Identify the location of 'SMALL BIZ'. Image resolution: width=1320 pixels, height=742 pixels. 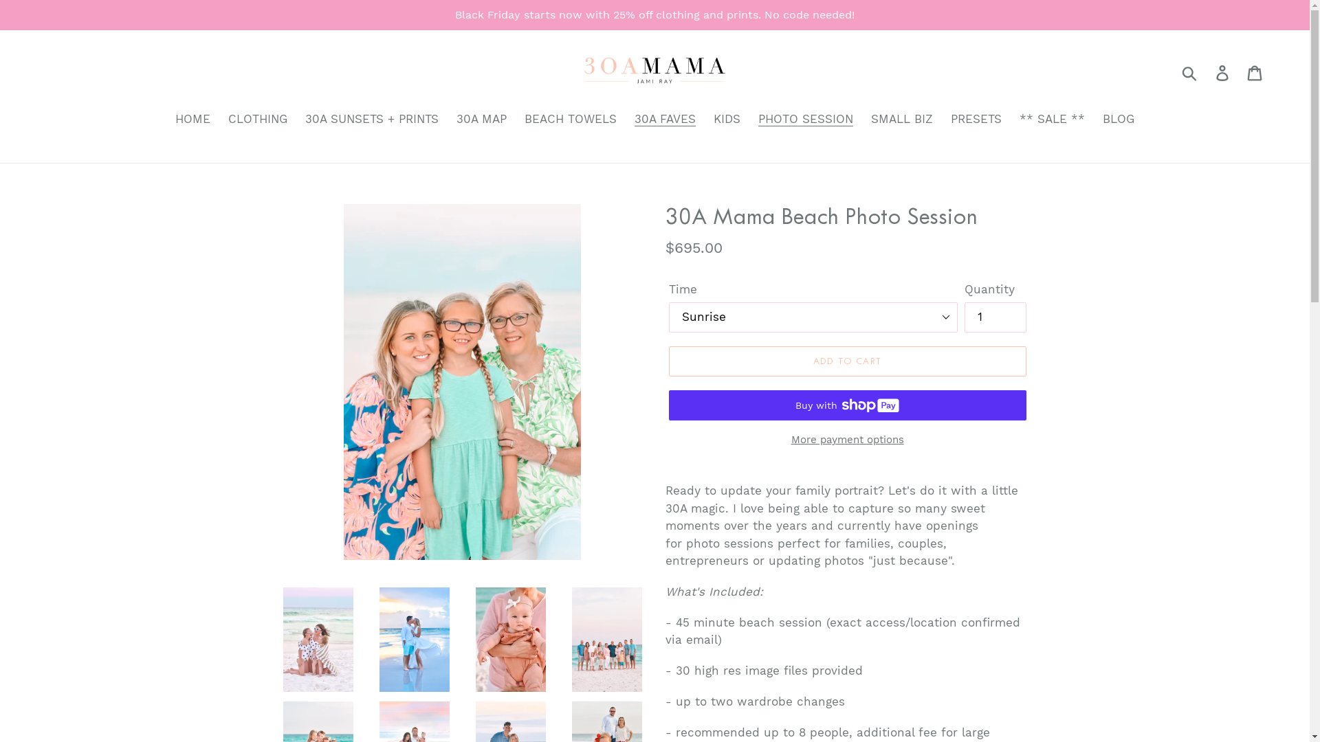
(901, 120).